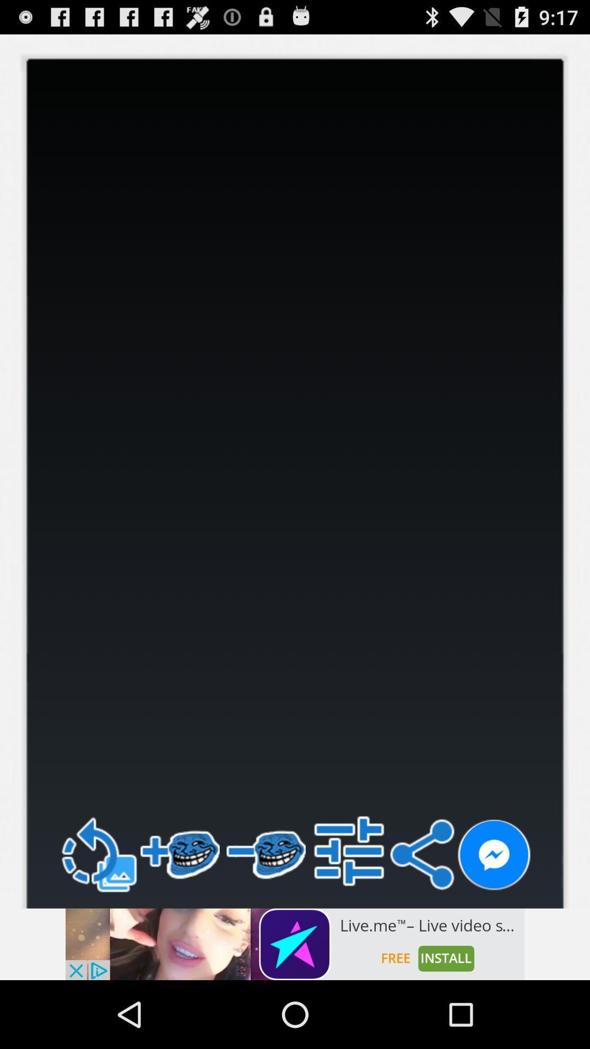 This screenshot has width=590, height=1049. Describe the element at coordinates (97, 854) in the screenshot. I see `refresh option` at that location.